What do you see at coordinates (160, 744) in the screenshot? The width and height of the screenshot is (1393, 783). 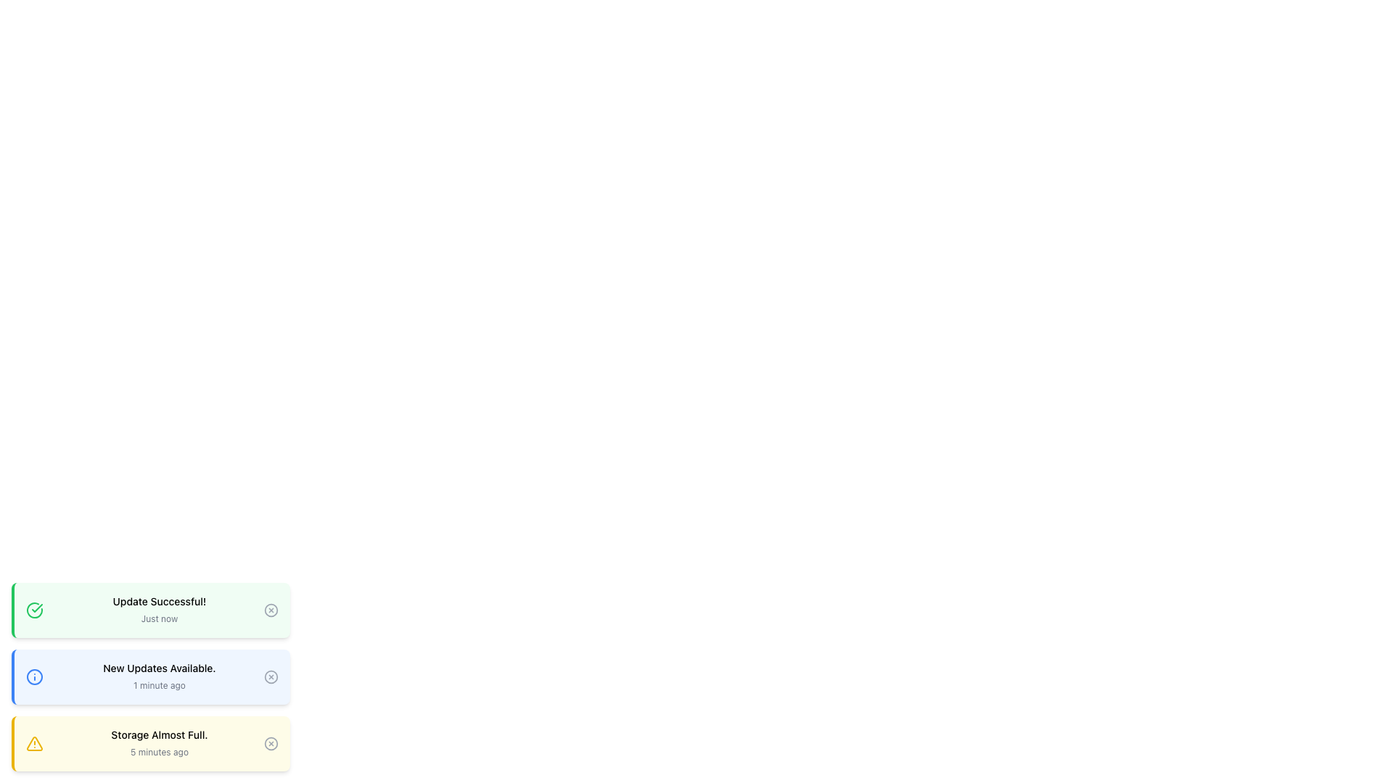 I see `notification text block indicating the system state about storage nearing capacity, which is the primary content located to the right of the warning icon and is the third item in the stacked list of notifications` at bounding box center [160, 744].